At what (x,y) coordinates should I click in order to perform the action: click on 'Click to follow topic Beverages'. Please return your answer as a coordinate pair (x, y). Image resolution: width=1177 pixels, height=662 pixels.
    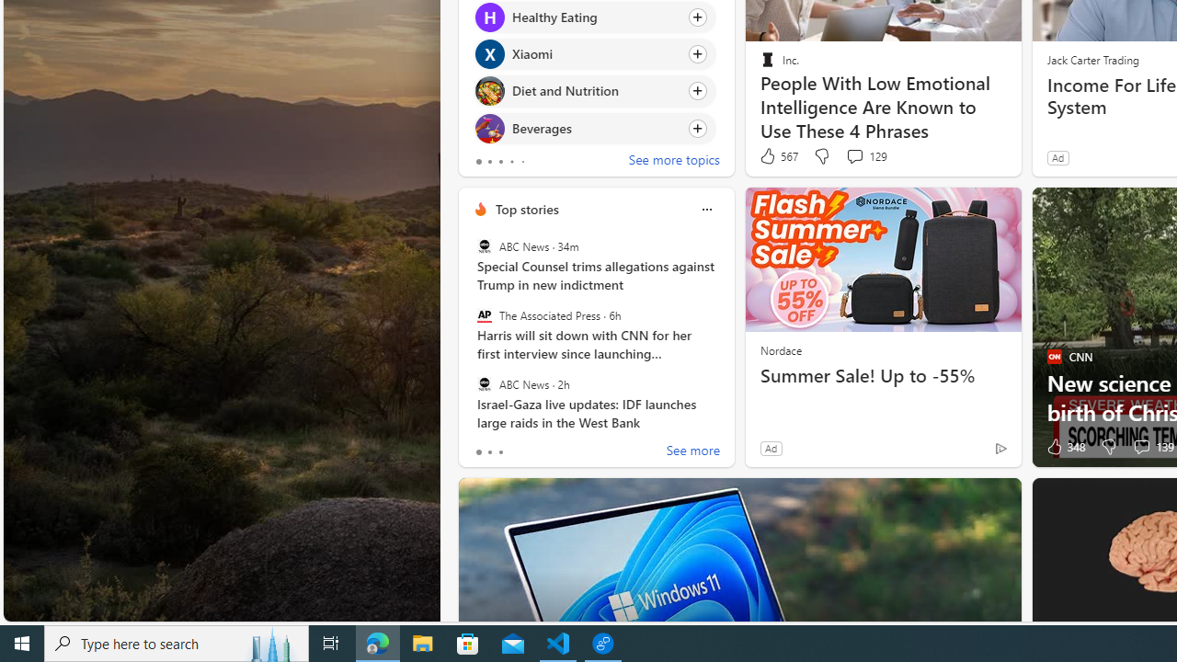
    Looking at the image, I should click on (595, 127).